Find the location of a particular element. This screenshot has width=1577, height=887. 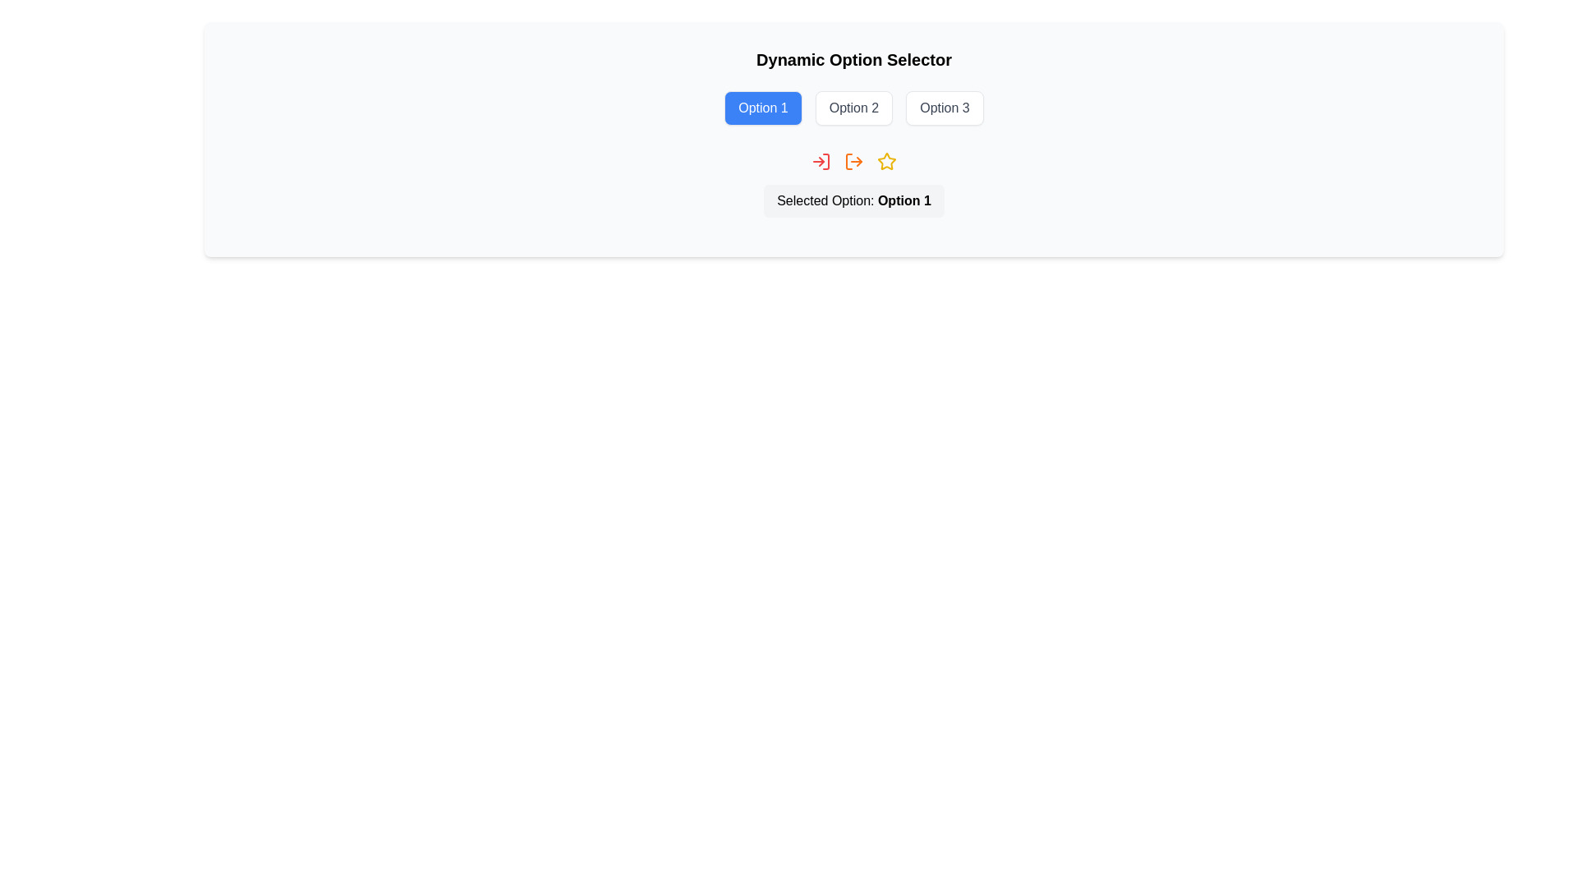

the log-in icon, which is the first icon from the left among three icons in the interface, used for navigating to the login interface is located at coordinates (821, 161).